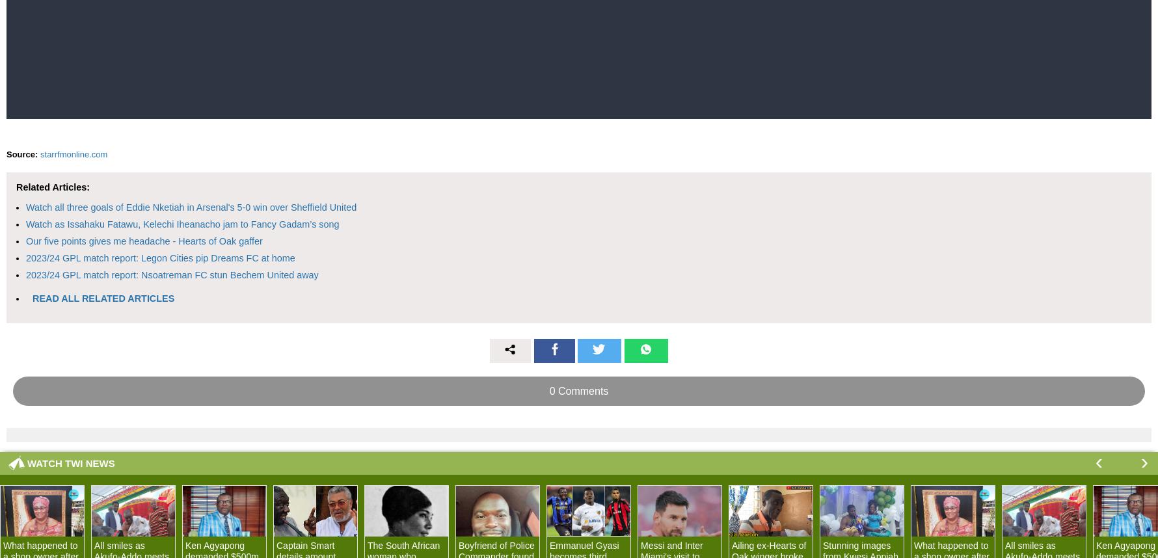  What do you see at coordinates (144, 240) in the screenshot?
I see `'Our five points gives me headache - Hearts of Oak gaffer'` at bounding box center [144, 240].